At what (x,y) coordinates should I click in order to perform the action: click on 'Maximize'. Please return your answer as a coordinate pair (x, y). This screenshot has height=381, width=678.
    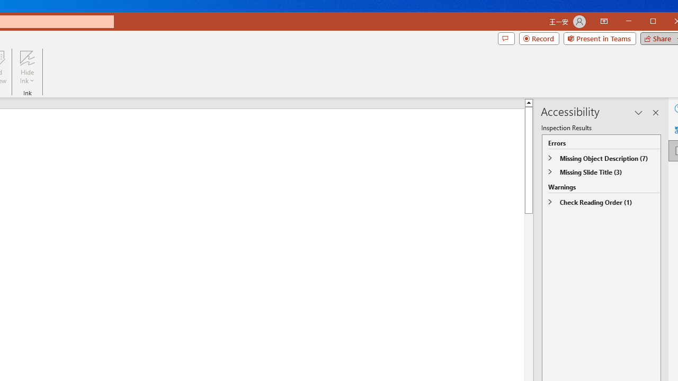
    Looking at the image, I should click on (668, 22).